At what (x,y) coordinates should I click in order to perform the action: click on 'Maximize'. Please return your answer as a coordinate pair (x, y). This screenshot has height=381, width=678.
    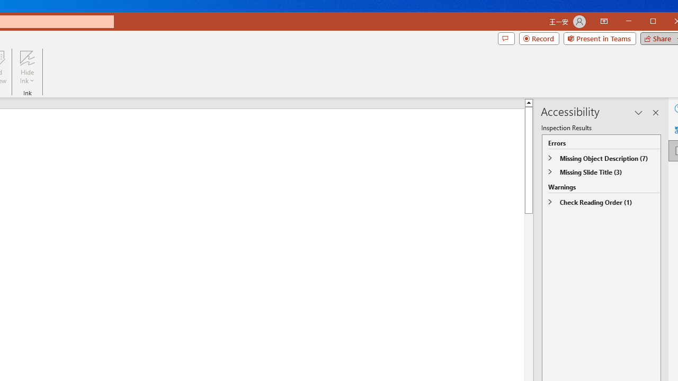
    Looking at the image, I should click on (668, 22).